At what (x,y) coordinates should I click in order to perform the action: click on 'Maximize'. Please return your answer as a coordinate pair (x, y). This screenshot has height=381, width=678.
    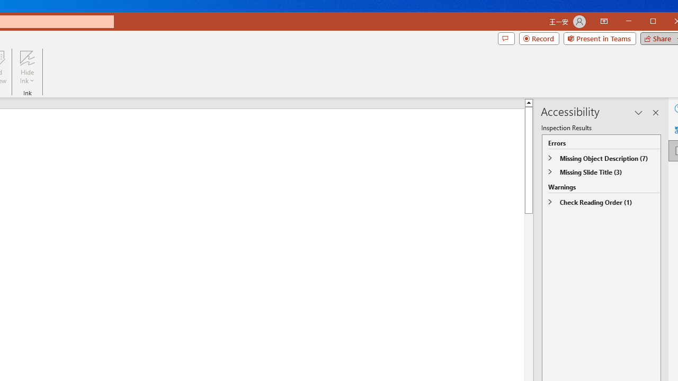
    Looking at the image, I should click on (668, 22).